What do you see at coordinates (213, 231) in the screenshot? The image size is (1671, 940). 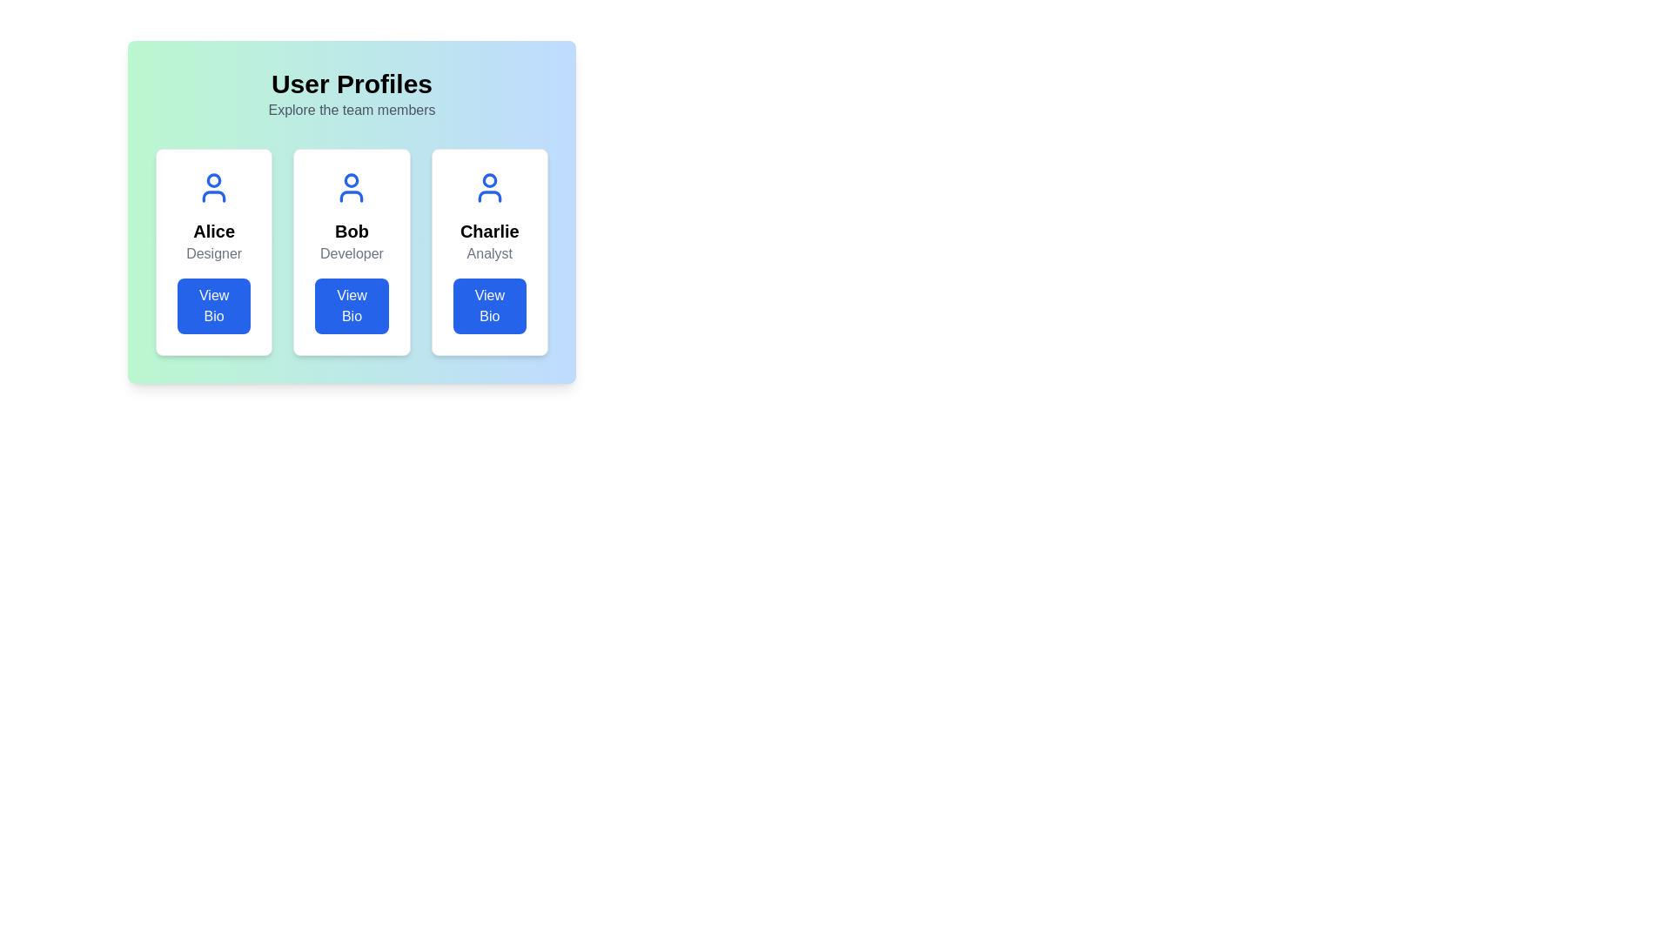 I see `the text label element displaying the name 'Alice', which is located in the first card of three horizontally aligned cards, below the user icon and above the descriptive text 'Designer'` at bounding box center [213, 231].